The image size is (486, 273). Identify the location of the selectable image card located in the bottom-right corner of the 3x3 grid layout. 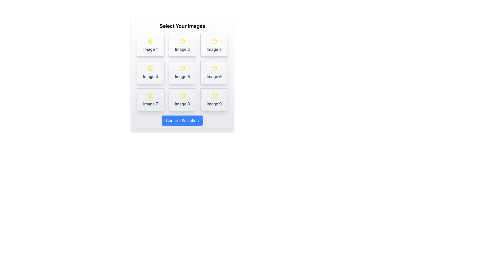
(214, 100).